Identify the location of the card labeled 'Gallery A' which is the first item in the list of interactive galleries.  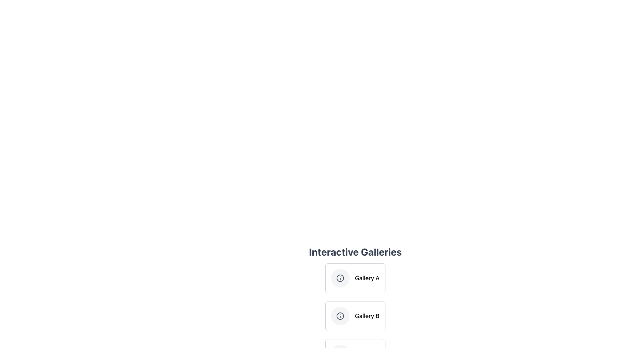
(355, 278).